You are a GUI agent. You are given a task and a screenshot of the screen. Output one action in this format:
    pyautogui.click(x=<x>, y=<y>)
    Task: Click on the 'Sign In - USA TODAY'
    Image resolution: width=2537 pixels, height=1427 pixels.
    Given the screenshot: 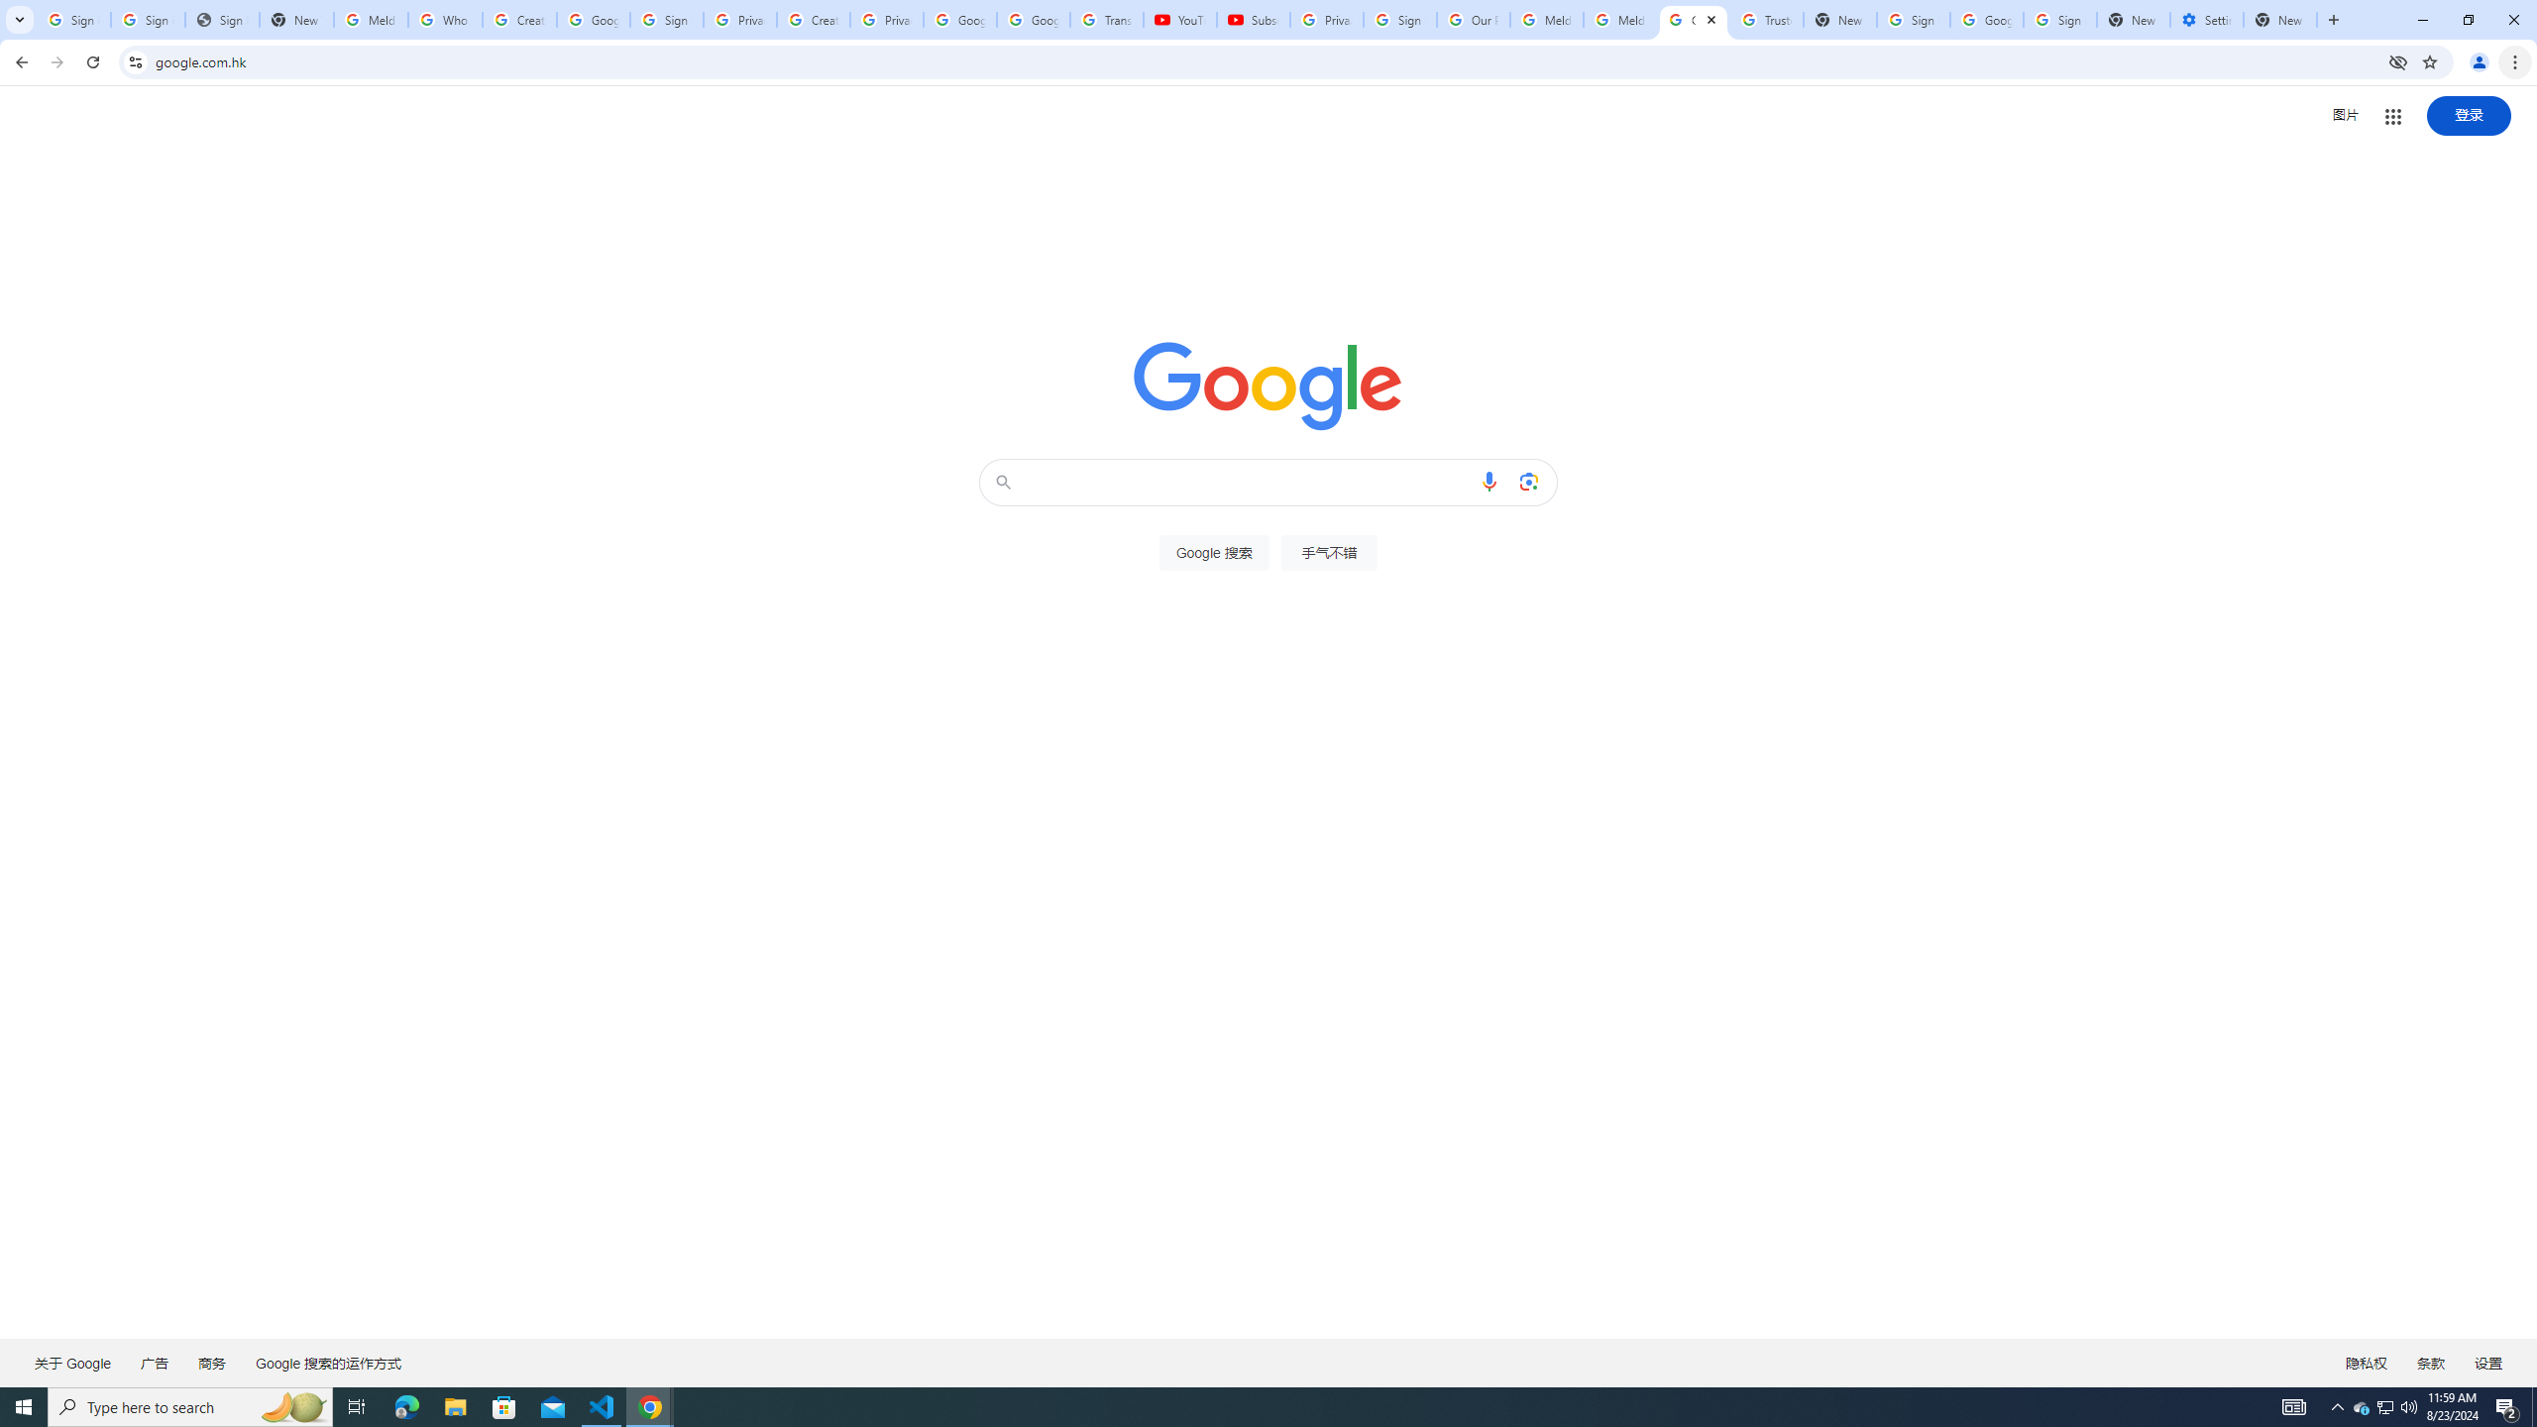 What is the action you would take?
    pyautogui.click(x=222, y=19)
    